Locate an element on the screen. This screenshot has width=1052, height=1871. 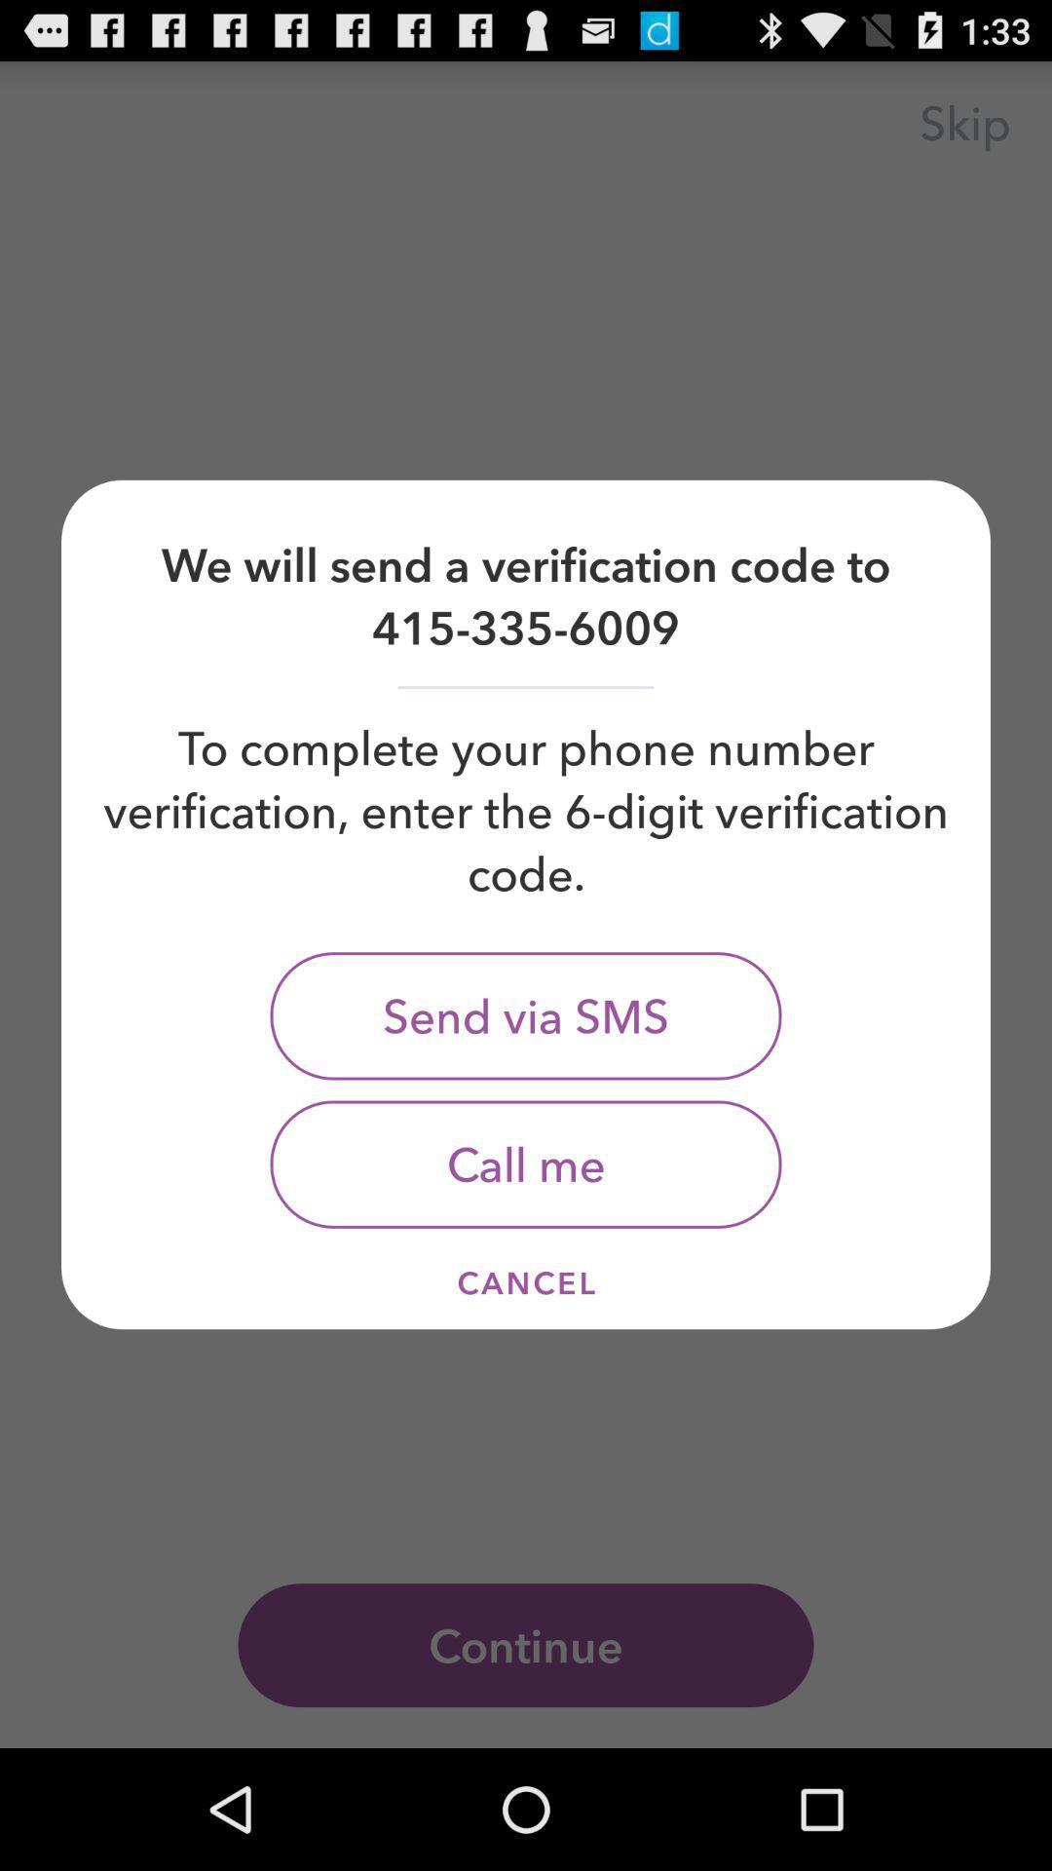
the call me is located at coordinates (526, 1165).